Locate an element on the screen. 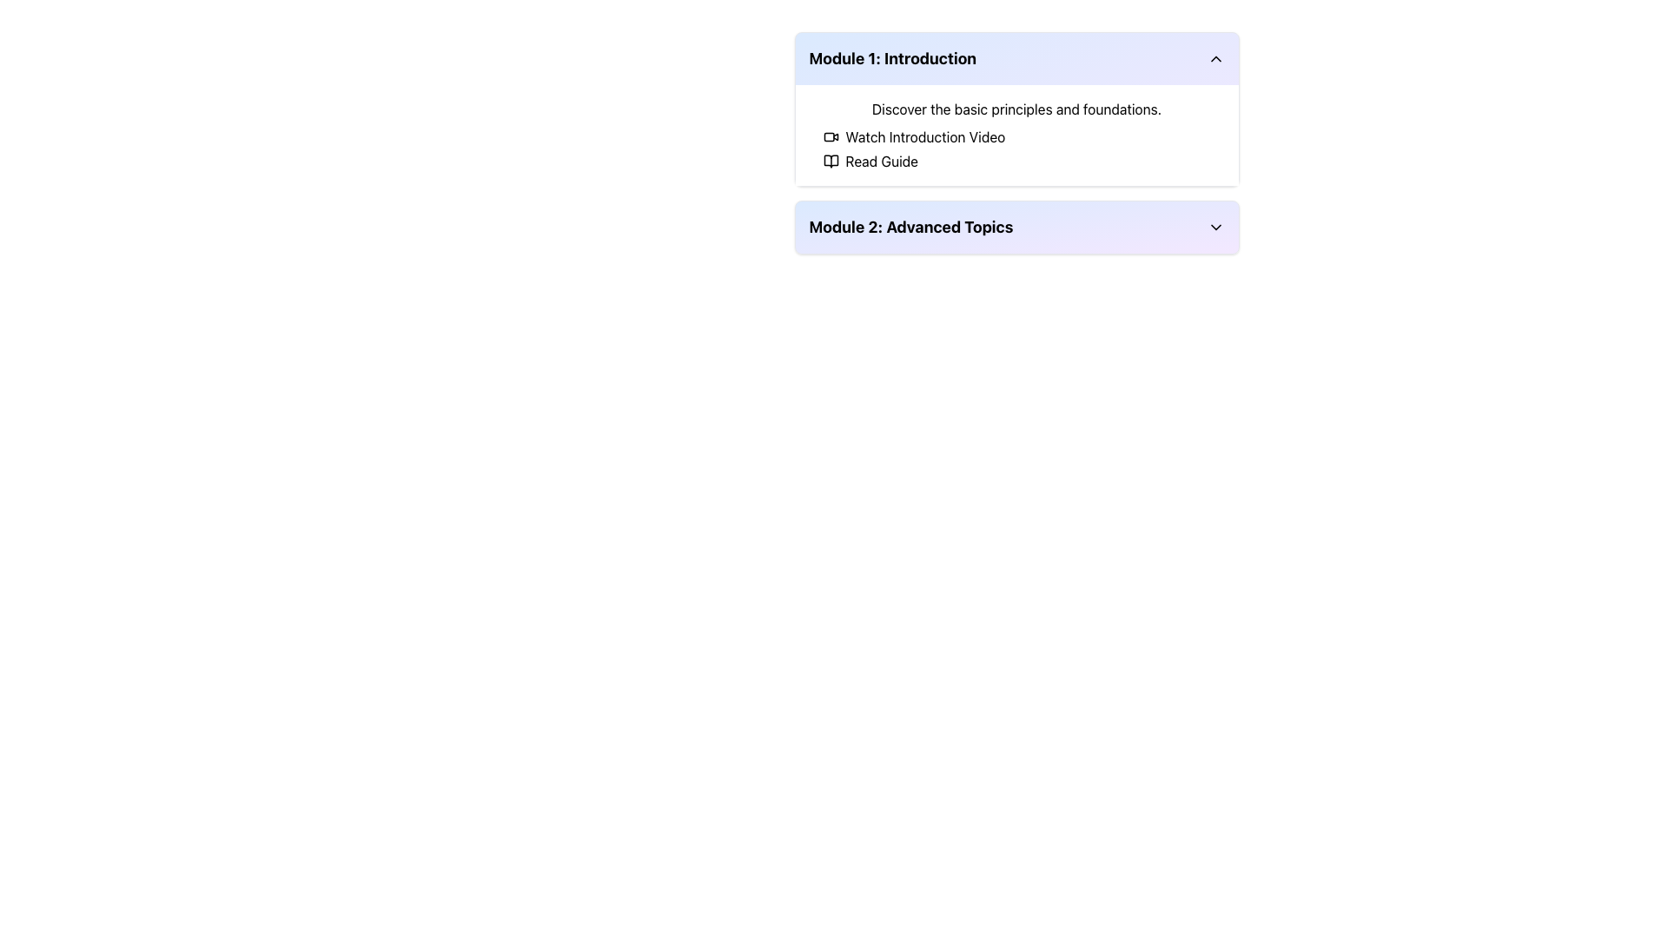  the small upward-pointing chevron icon in the header of the 'Module 1: Introduction' section is located at coordinates (1215, 58).